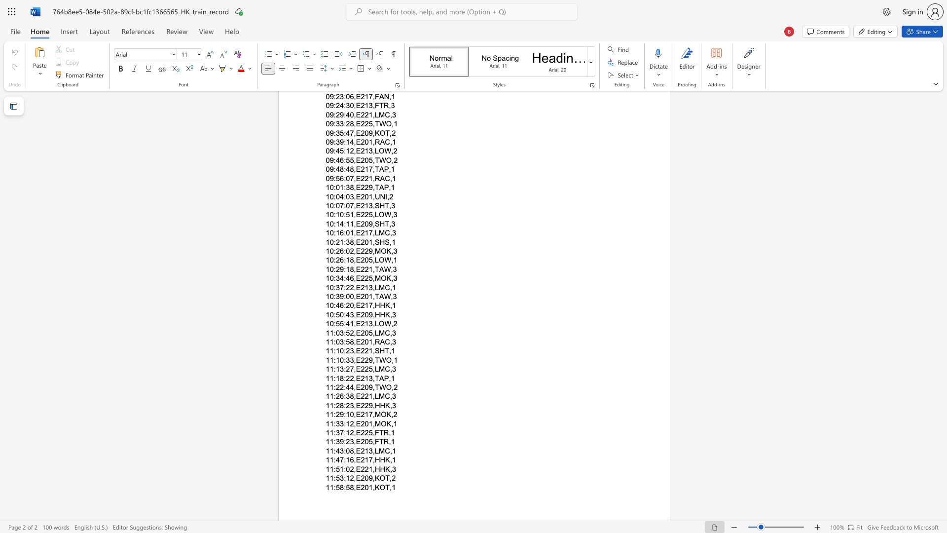 This screenshot has width=947, height=533. What do you see at coordinates (388, 487) in the screenshot?
I see `the space between the continuous character "T" and "," in the text` at bounding box center [388, 487].